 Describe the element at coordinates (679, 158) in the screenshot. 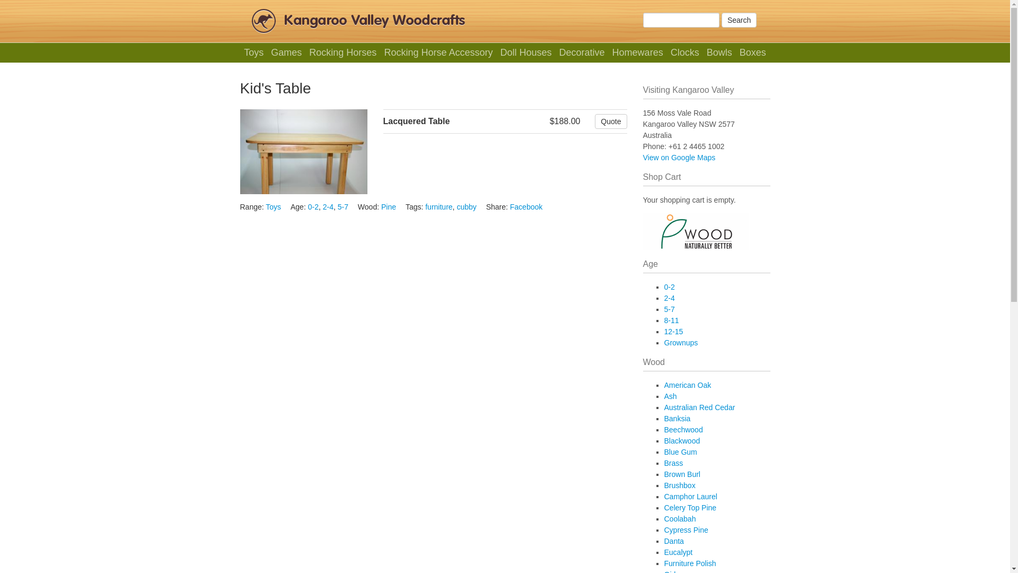

I see `'View on Google Maps'` at that location.